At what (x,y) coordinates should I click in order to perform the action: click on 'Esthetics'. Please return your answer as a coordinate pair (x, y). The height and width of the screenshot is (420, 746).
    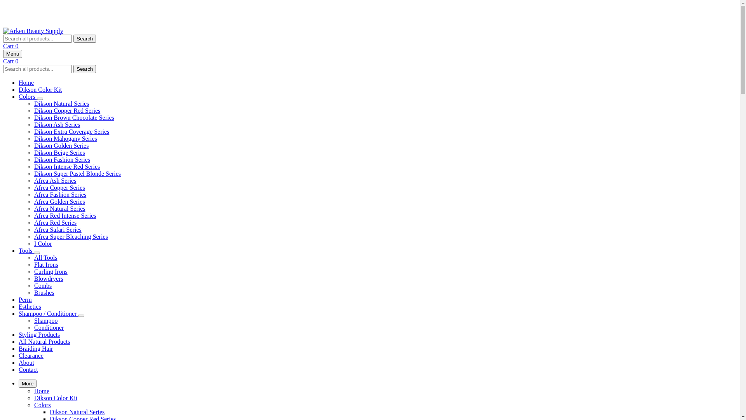
    Looking at the image, I should click on (30, 306).